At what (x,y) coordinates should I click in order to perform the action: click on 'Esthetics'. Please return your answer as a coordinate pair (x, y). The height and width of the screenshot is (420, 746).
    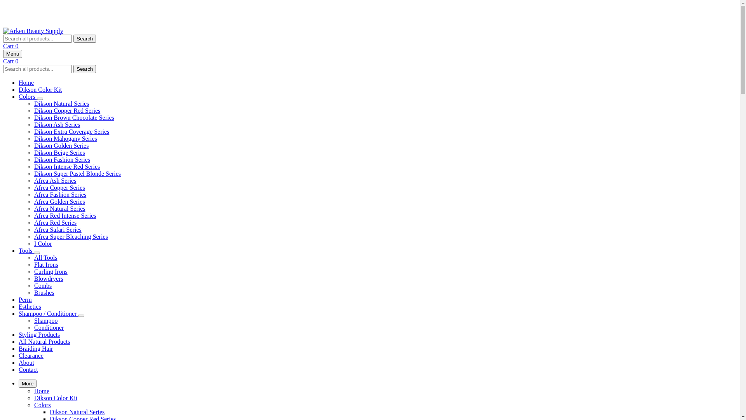
    Looking at the image, I should click on (30, 306).